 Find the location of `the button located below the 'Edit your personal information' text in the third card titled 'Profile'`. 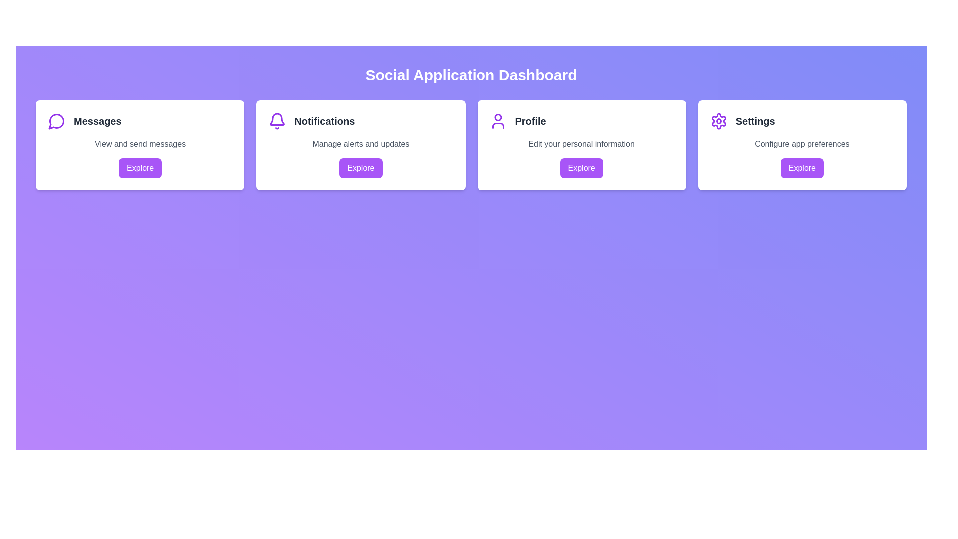

the button located below the 'Edit your personal information' text in the third card titled 'Profile' is located at coordinates (581, 167).